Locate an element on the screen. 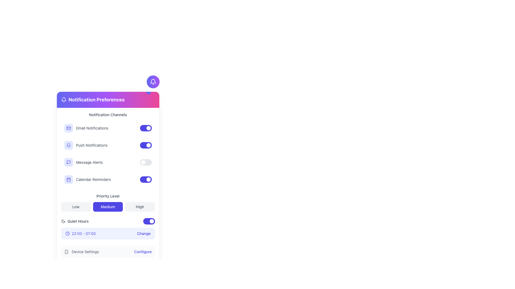 This screenshot has height=289, width=515. the notification settings button located at the top-right corner of the notification settings panel is located at coordinates (153, 82).